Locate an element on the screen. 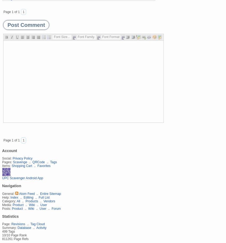 This screenshot has width=226, height=243. 'Category:' is located at coordinates (9, 201).